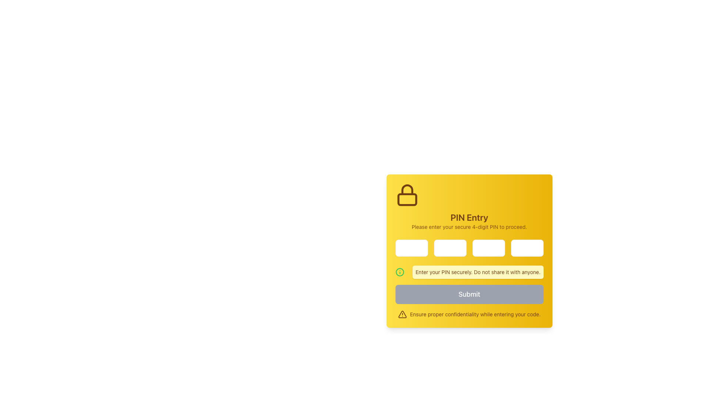 This screenshot has height=400, width=711. I want to click on the static informational notification box that advises users about securely entering their PIN, positioned below the PIN input boxes and above the 'Submit' button, so click(469, 272).